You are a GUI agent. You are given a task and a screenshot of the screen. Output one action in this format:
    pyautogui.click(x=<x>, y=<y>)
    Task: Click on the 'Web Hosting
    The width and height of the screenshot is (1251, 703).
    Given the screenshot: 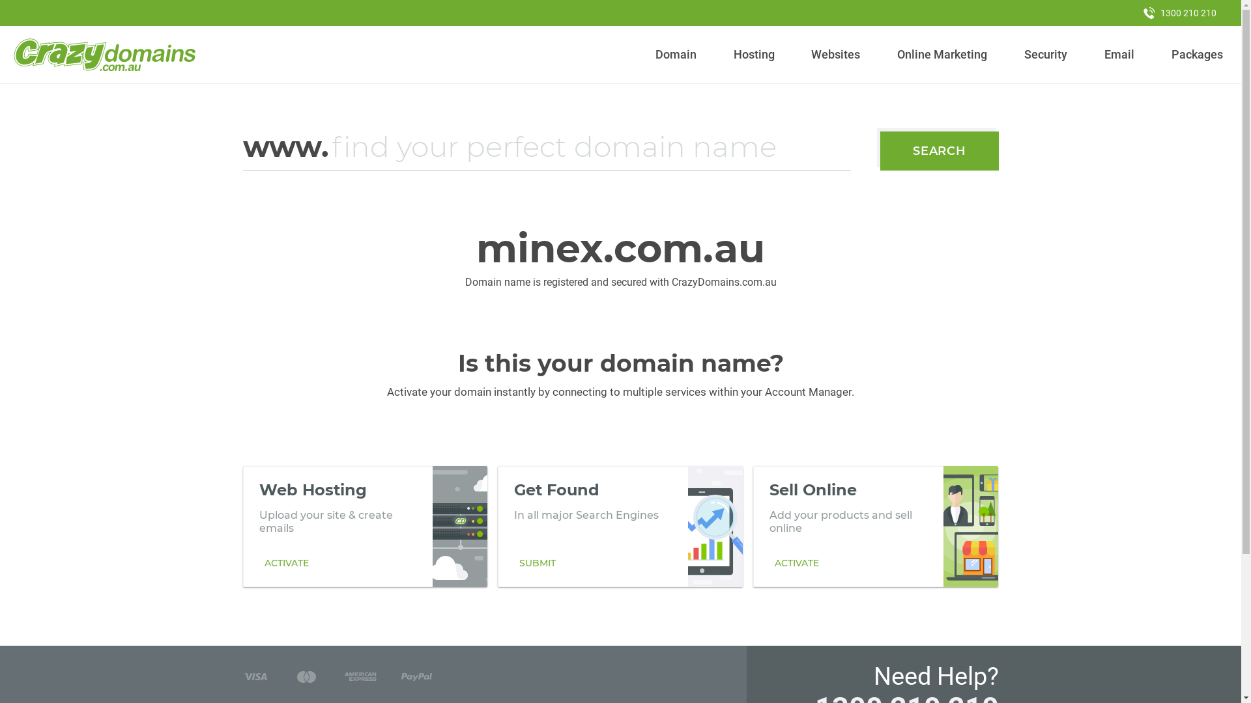 What is the action you would take?
    pyautogui.click(x=365, y=526)
    